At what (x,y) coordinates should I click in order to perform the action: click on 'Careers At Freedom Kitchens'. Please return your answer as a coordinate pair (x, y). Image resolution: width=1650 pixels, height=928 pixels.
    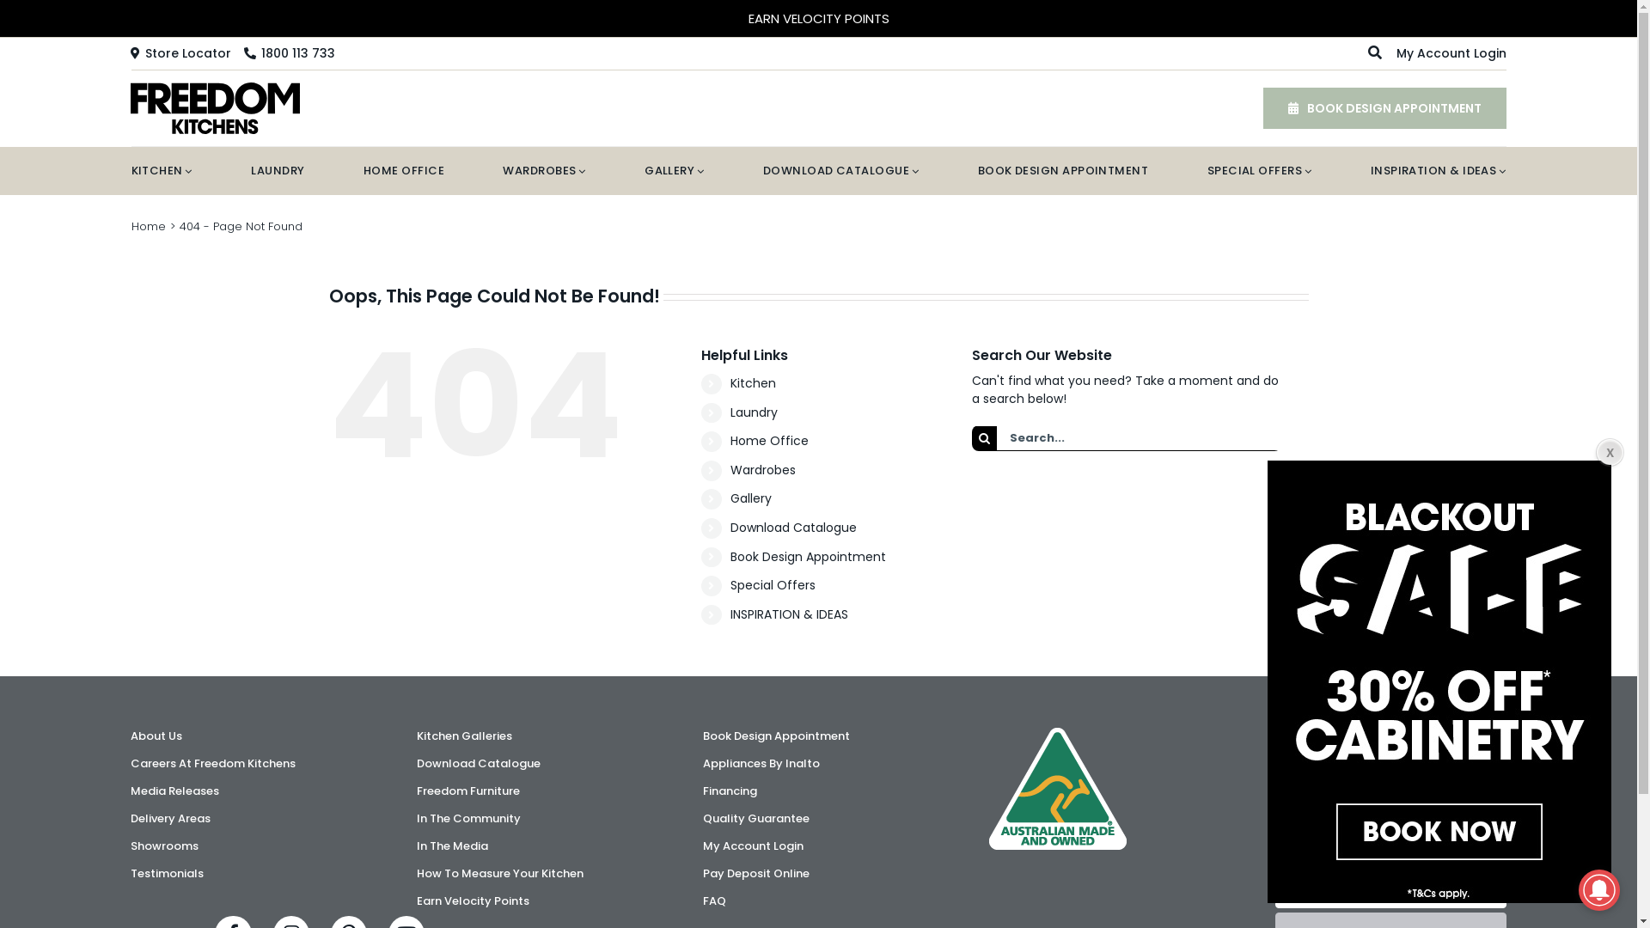
    Looking at the image, I should click on (245, 762).